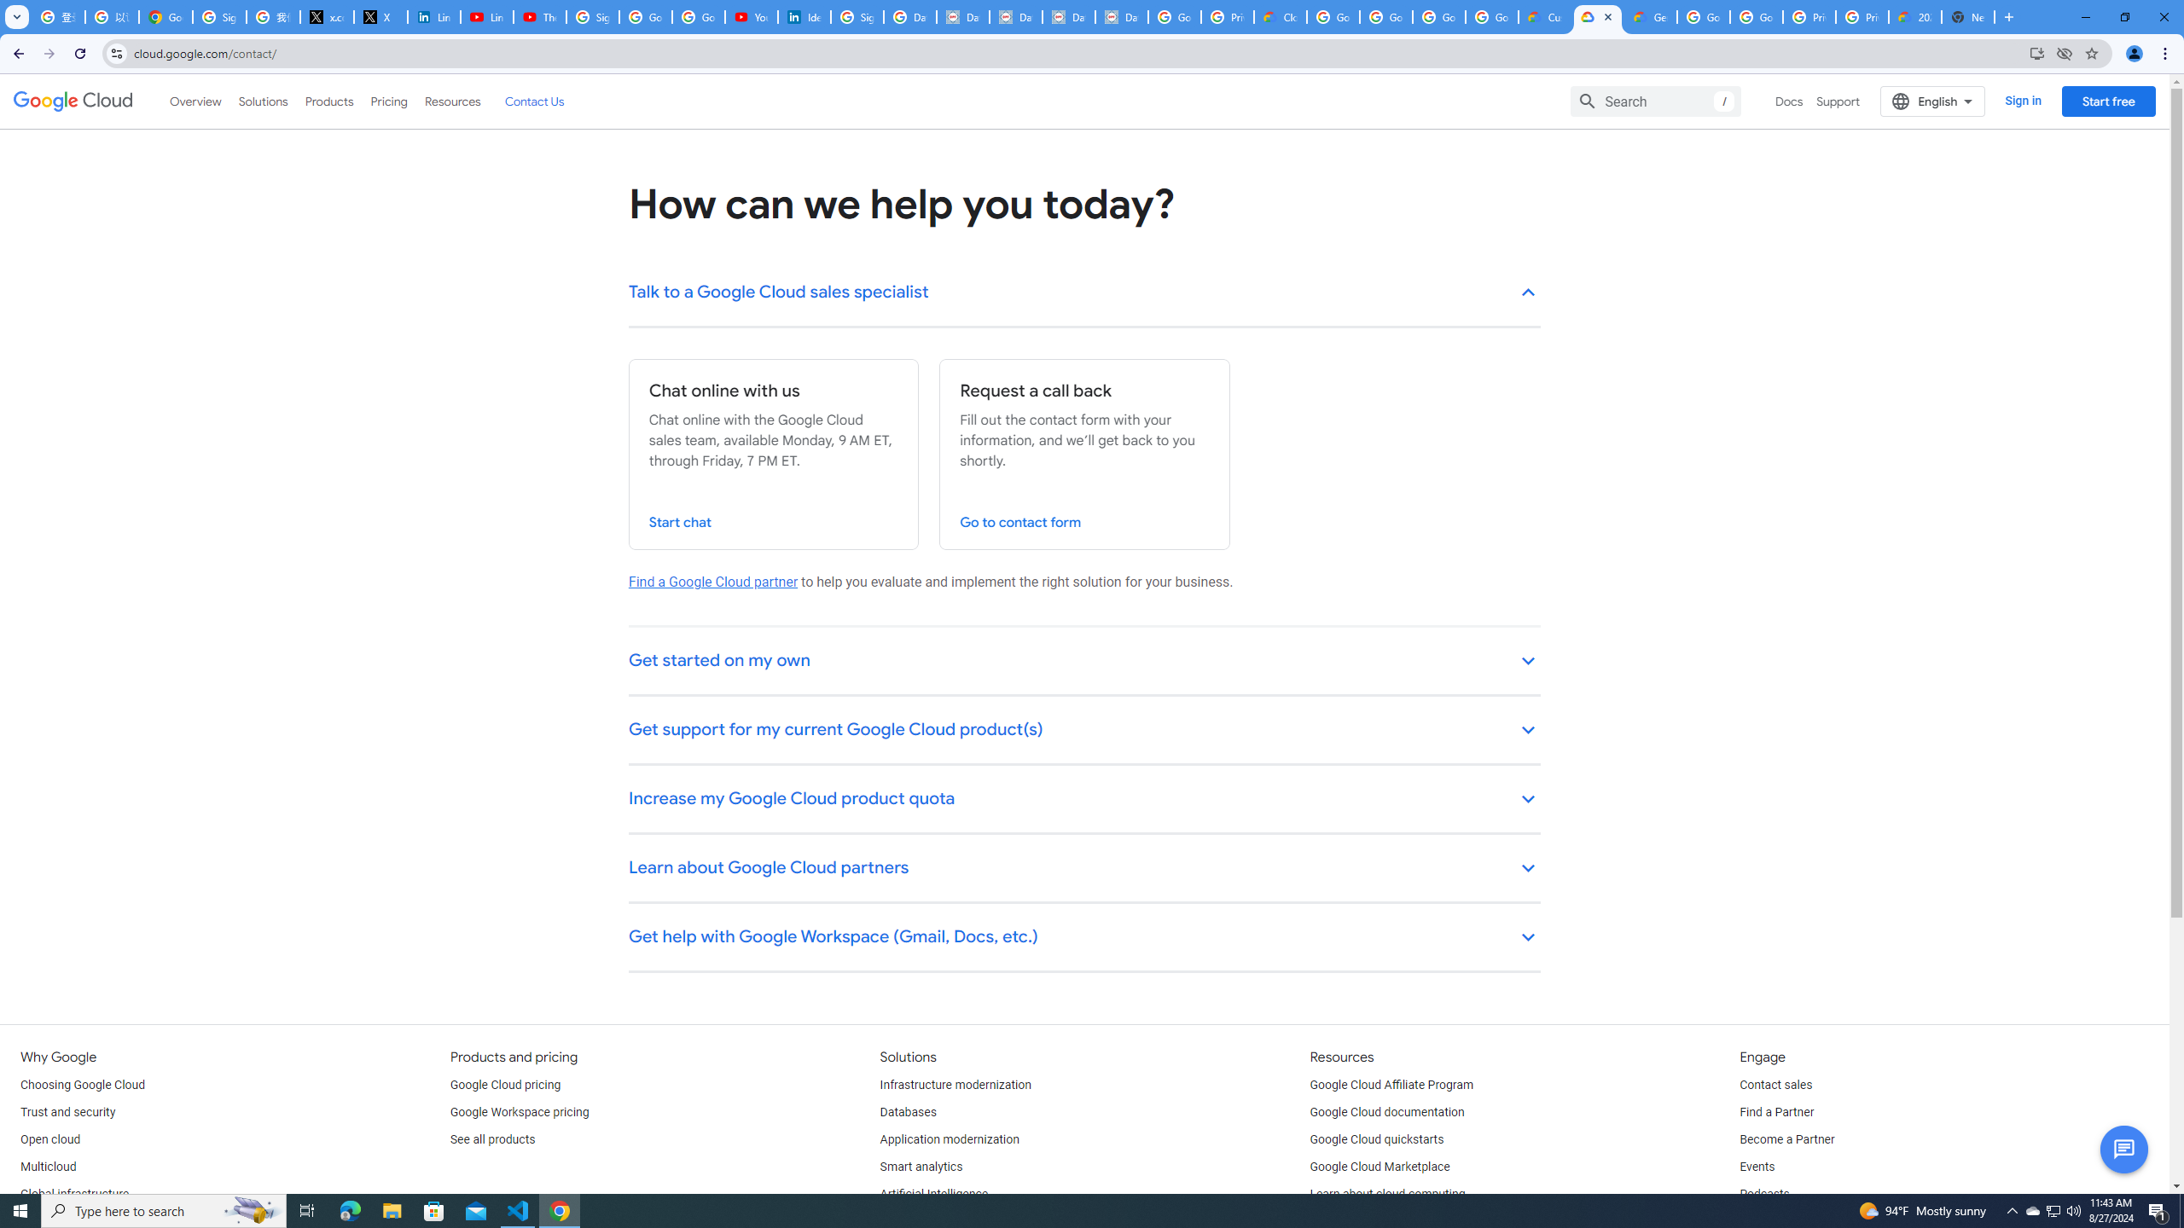 The width and height of the screenshot is (2184, 1228). Describe the element at coordinates (73, 1195) in the screenshot. I see `'Global infrastructure'` at that location.